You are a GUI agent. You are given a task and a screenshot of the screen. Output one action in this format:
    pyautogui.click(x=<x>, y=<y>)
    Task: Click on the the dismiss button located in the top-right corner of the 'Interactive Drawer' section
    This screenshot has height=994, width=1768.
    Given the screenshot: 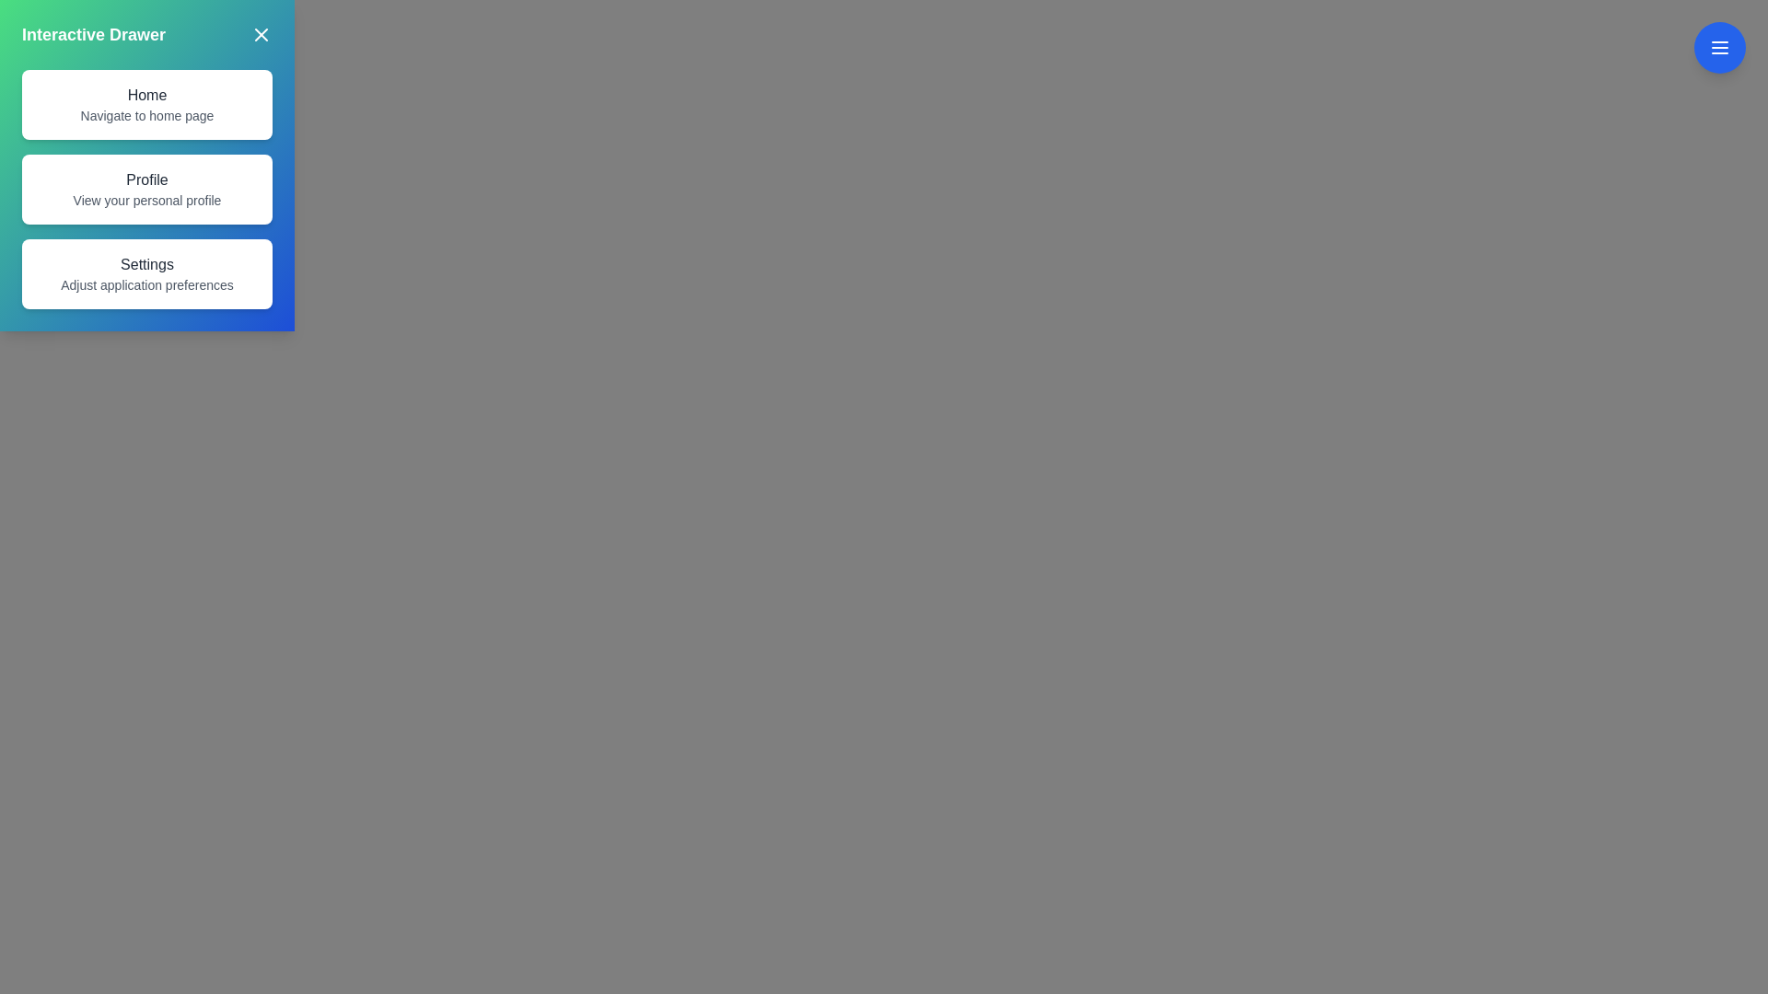 What is the action you would take?
    pyautogui.click(x=260, y=35)
    